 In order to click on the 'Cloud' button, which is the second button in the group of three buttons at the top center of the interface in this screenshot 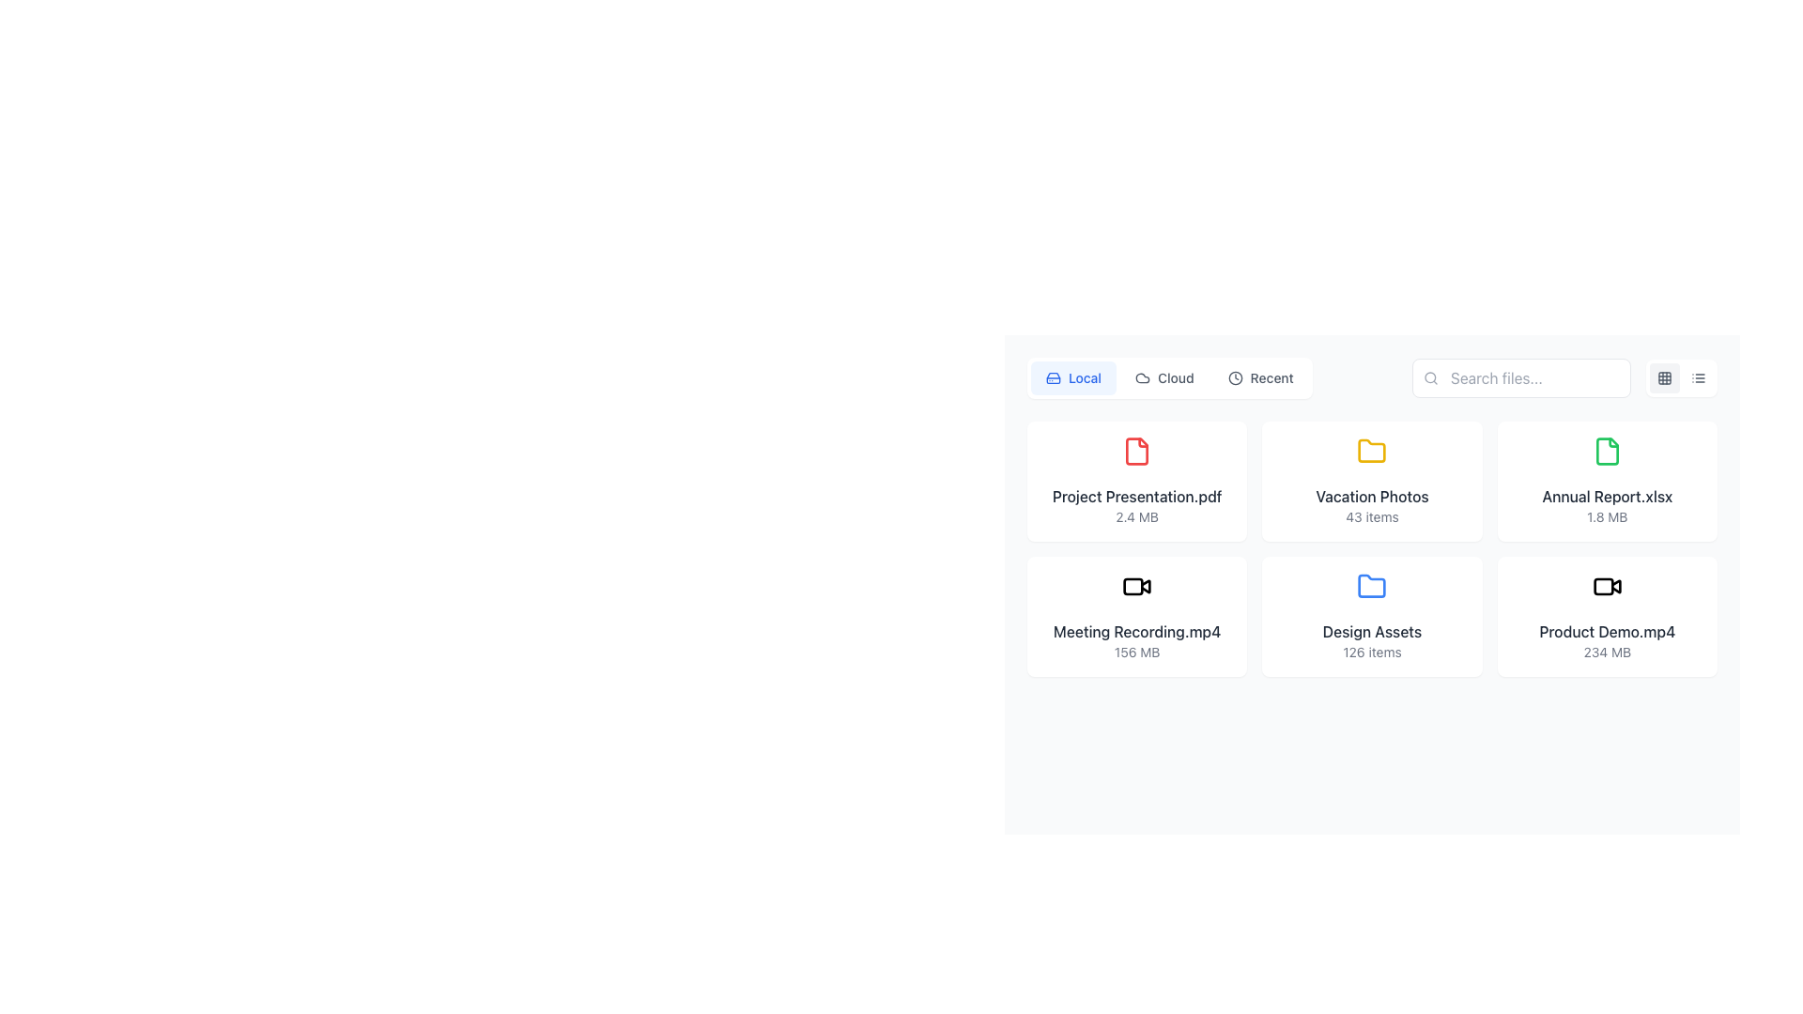, I will do `click(1163, 377)`.